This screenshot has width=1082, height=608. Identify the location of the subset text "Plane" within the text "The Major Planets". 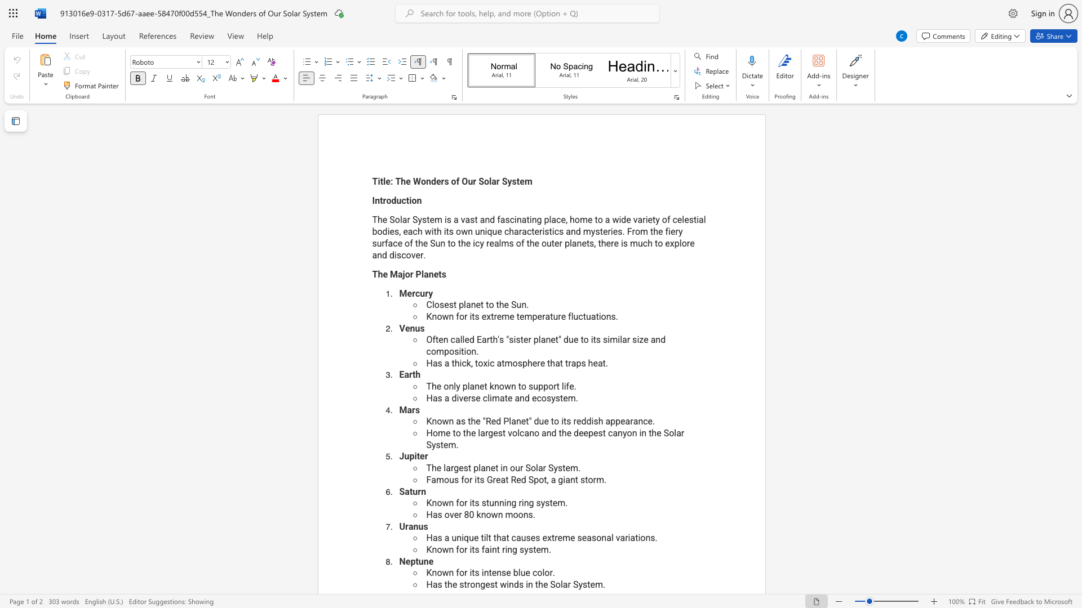
(415, 274).